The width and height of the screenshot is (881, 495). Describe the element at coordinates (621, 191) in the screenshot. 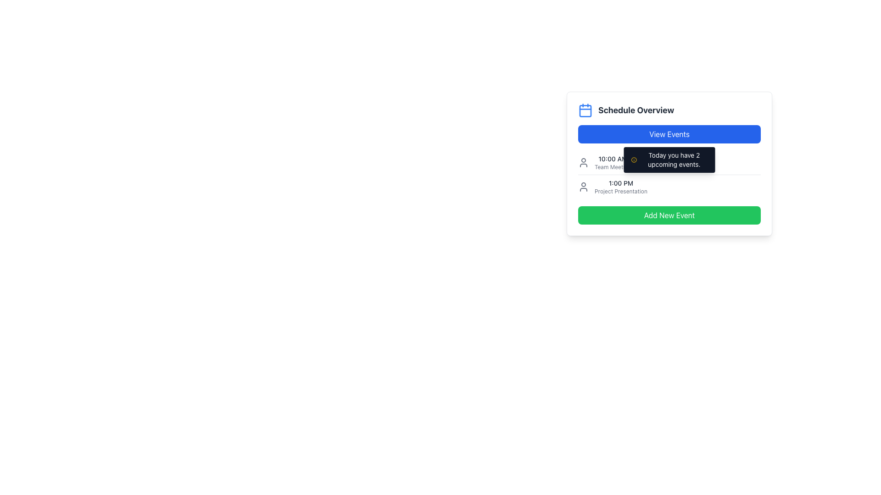

I see `the static text label displaying 'Project Presentation', which is styled with a small font and gray color, positioned below another label '1:00 PM' in the 'Schedule Overview' card` at that location.